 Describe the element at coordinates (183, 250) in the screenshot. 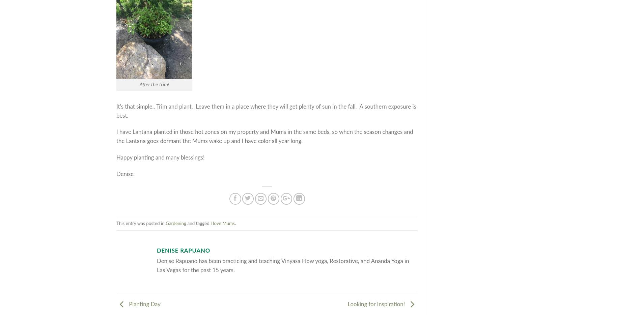

I see `'Denise Rapuano'` at that location.